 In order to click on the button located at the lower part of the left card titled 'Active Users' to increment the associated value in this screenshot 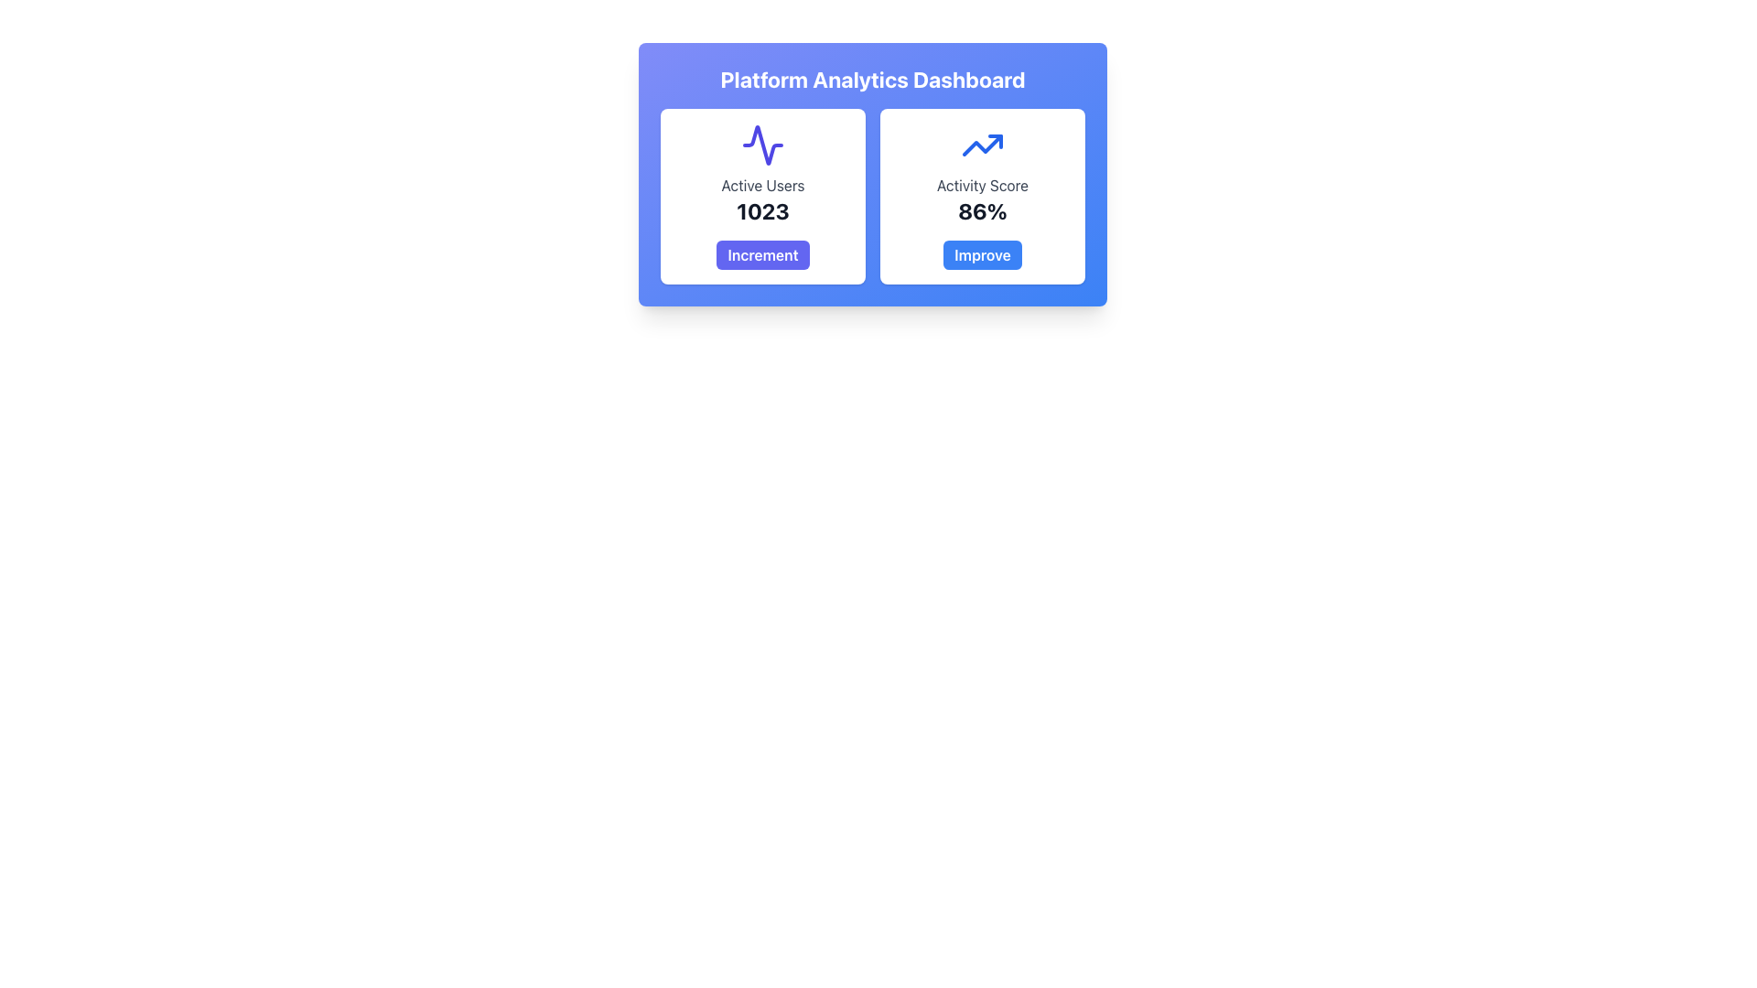, I will do `click(763, 254)`.